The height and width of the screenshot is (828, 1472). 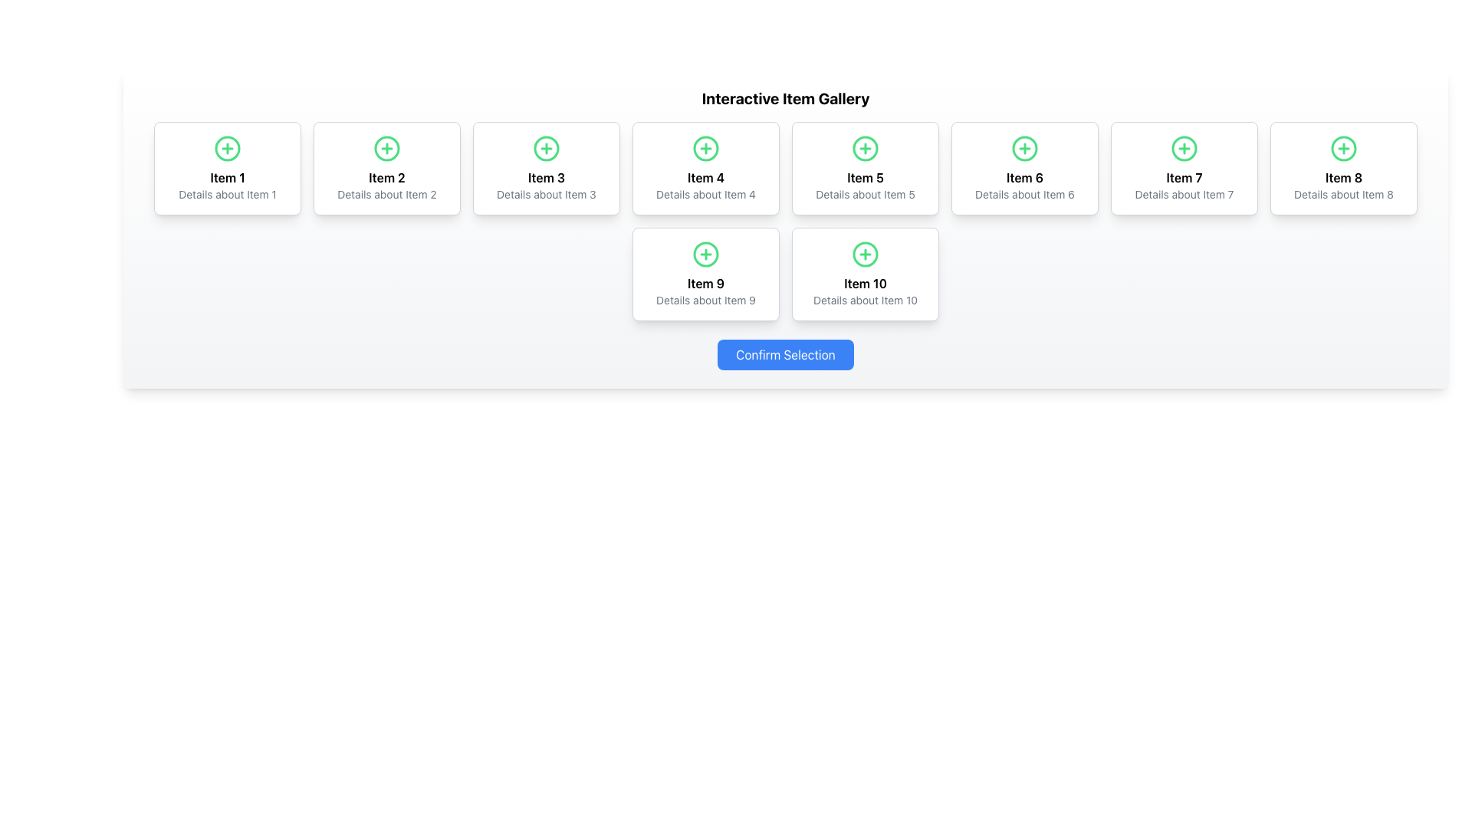 What do you see at coordinates (865, 194) in the screenshot?
I see `the descriptive text label located within the 'Item 5' card in the center column of the second row of the grid layout` at bounding box center [865, 194].